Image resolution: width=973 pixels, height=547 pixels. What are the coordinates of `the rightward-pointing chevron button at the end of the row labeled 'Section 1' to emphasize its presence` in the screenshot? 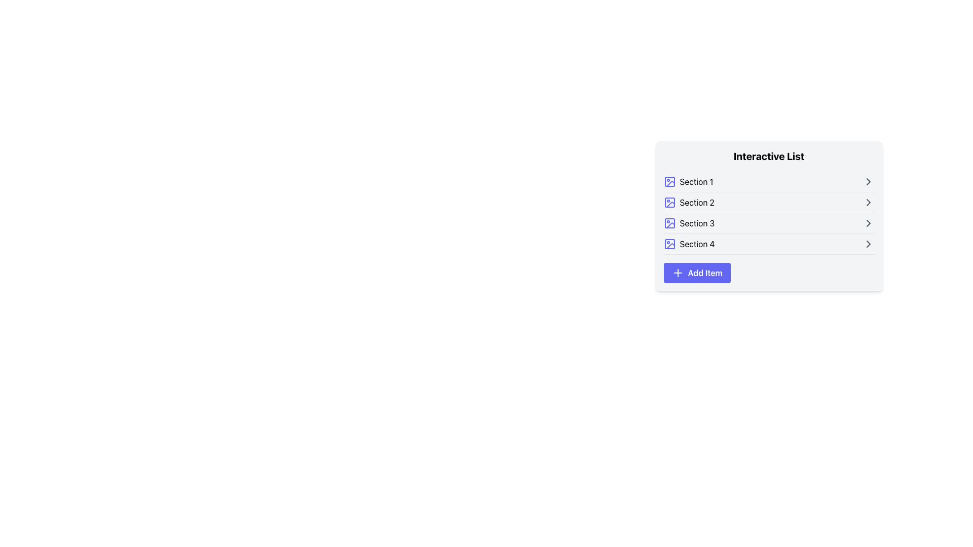 It's located at (868, 181).